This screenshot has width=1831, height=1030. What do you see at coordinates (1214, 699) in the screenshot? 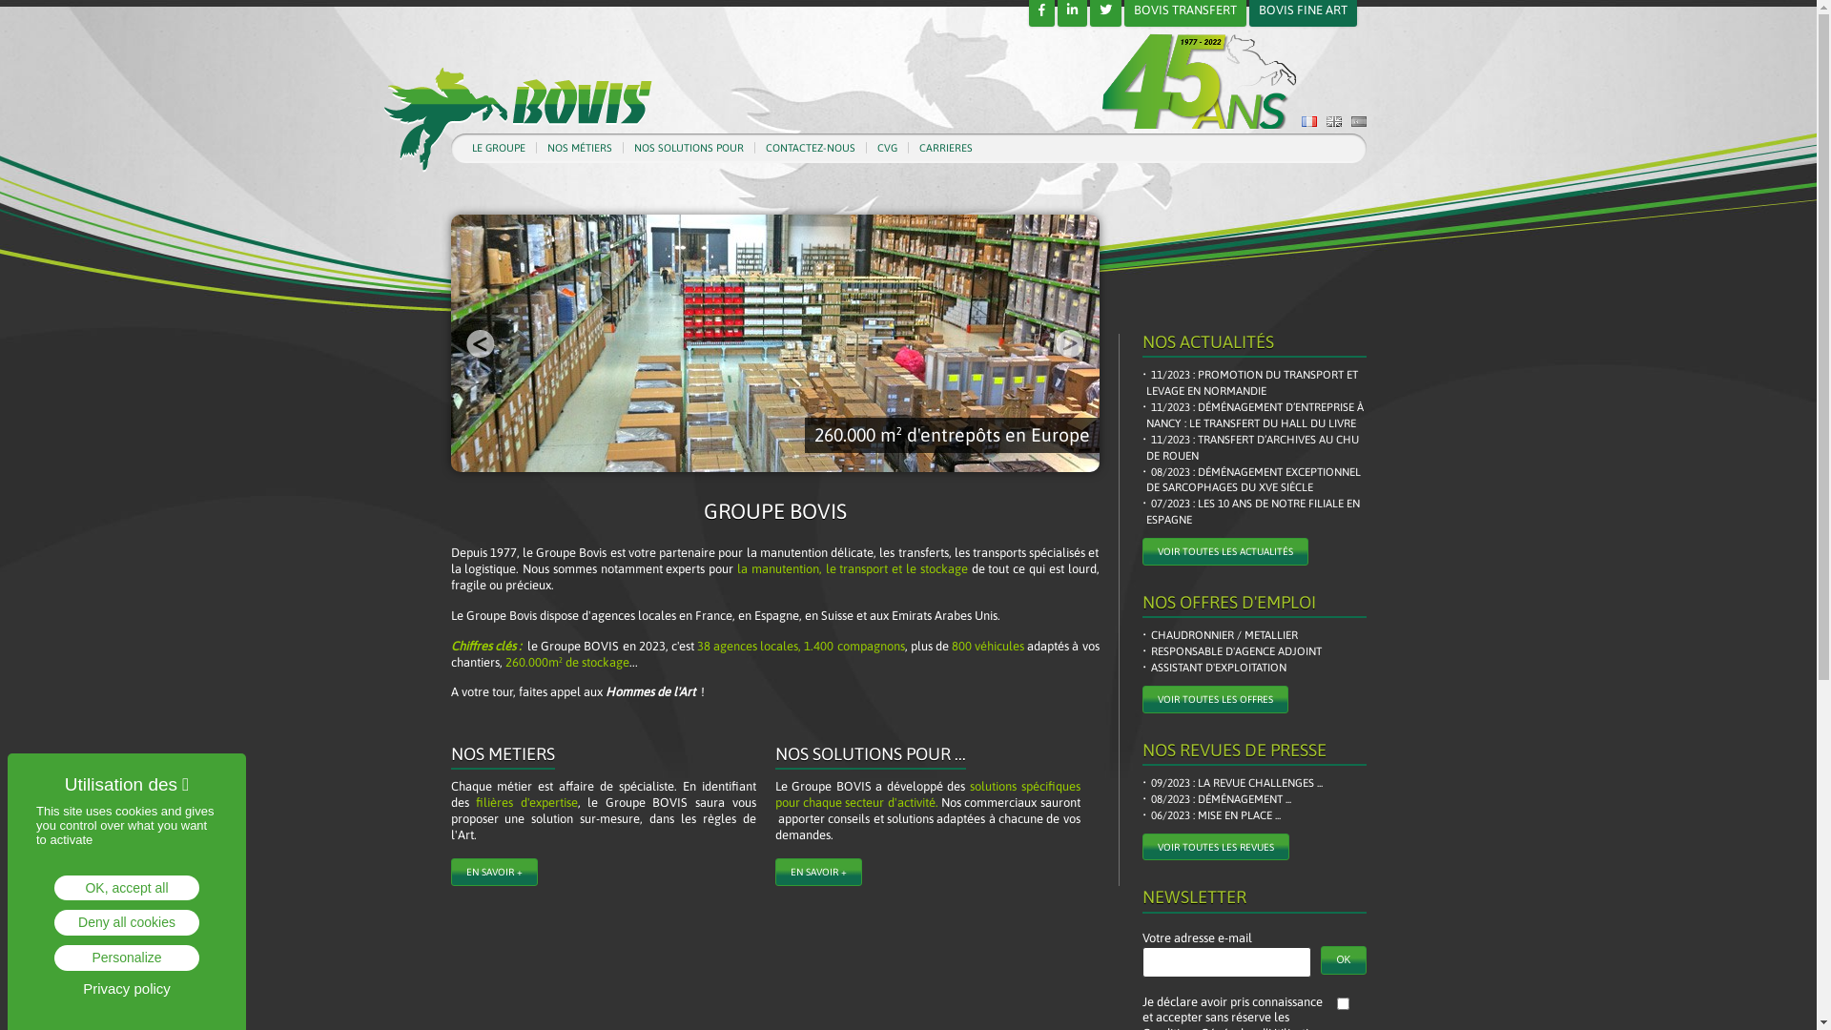
I see `'VOIR TOUTES LES OFFRES'` at bounding box center [1214, 699].